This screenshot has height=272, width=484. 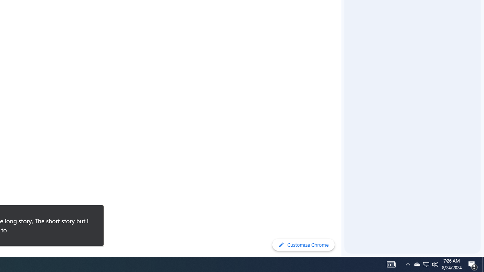 I want to click on 'Customize Chrome', so click(x=303, y=245).